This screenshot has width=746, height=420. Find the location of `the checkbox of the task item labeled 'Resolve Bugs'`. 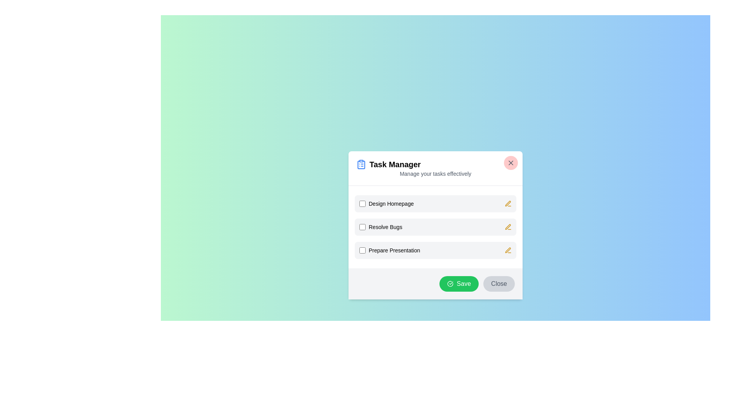

the checkbox of the task item labeled 'Resolve Bugs' is located at coordinates (380, 226).